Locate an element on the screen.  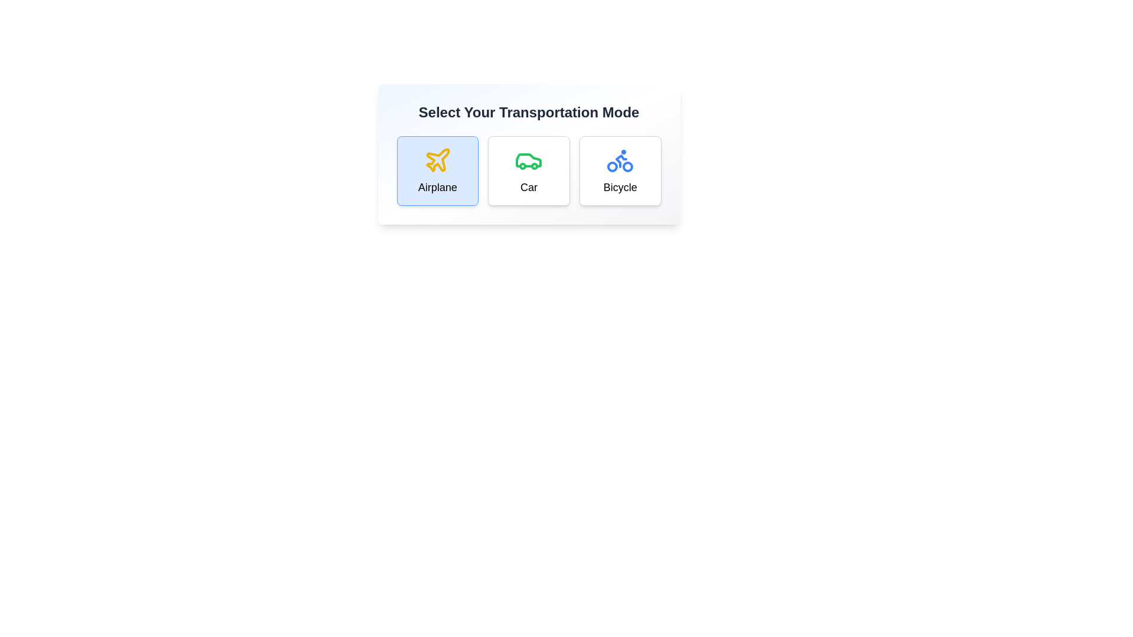
the left wheel of the bicycle icon, which is part of the 'Bicycle' button is located at coordinates (613, 166).